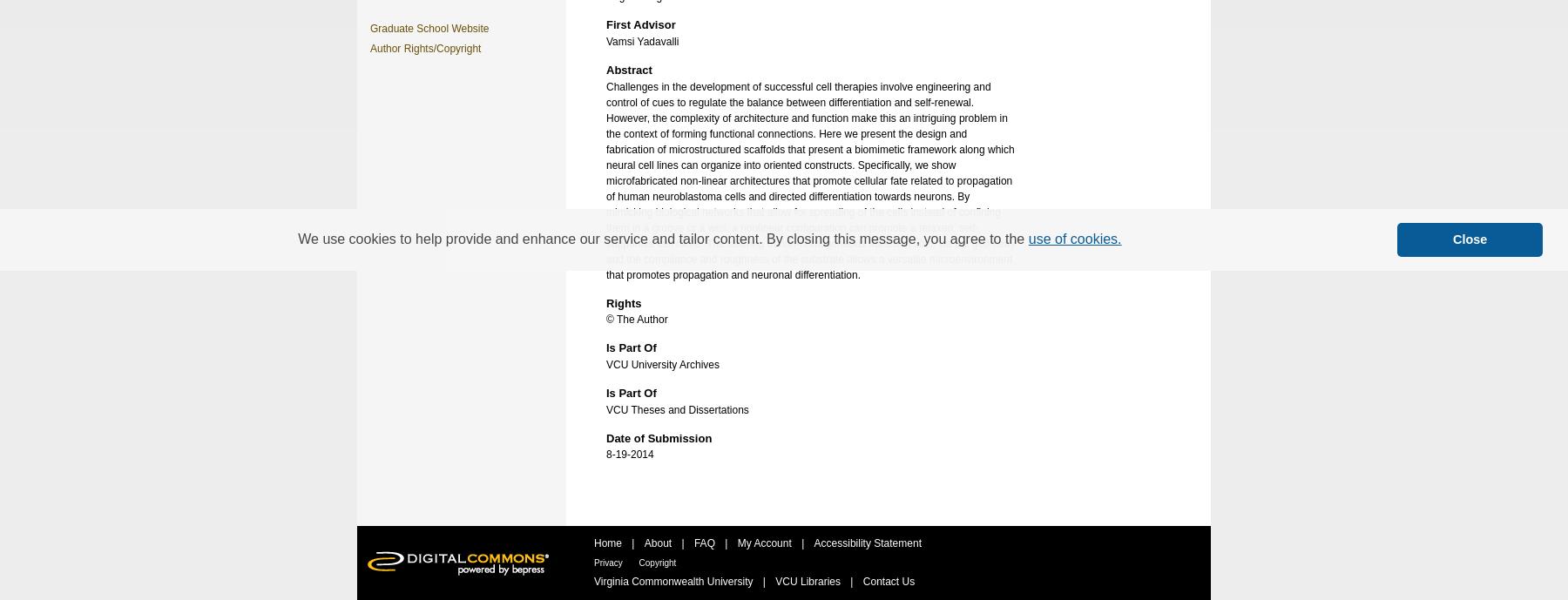 The width and height of the screenshot is (1568, 600). Describe the element at coordinates (866, 543) in the screenshot. I see `'Accessibility Statement'` at that location.